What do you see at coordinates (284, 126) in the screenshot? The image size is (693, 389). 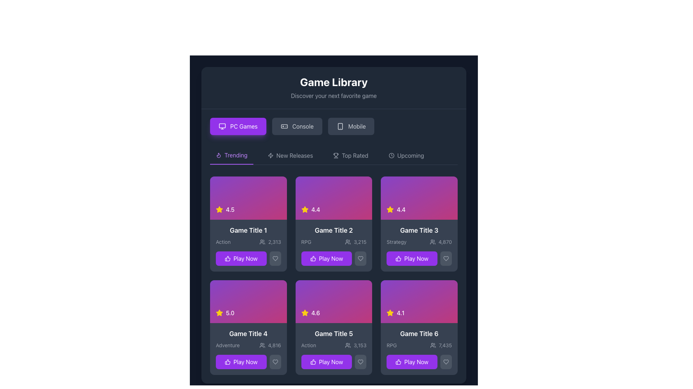 I see `the game controller icon within the 'Console' button` at bounding box center [284, 126].